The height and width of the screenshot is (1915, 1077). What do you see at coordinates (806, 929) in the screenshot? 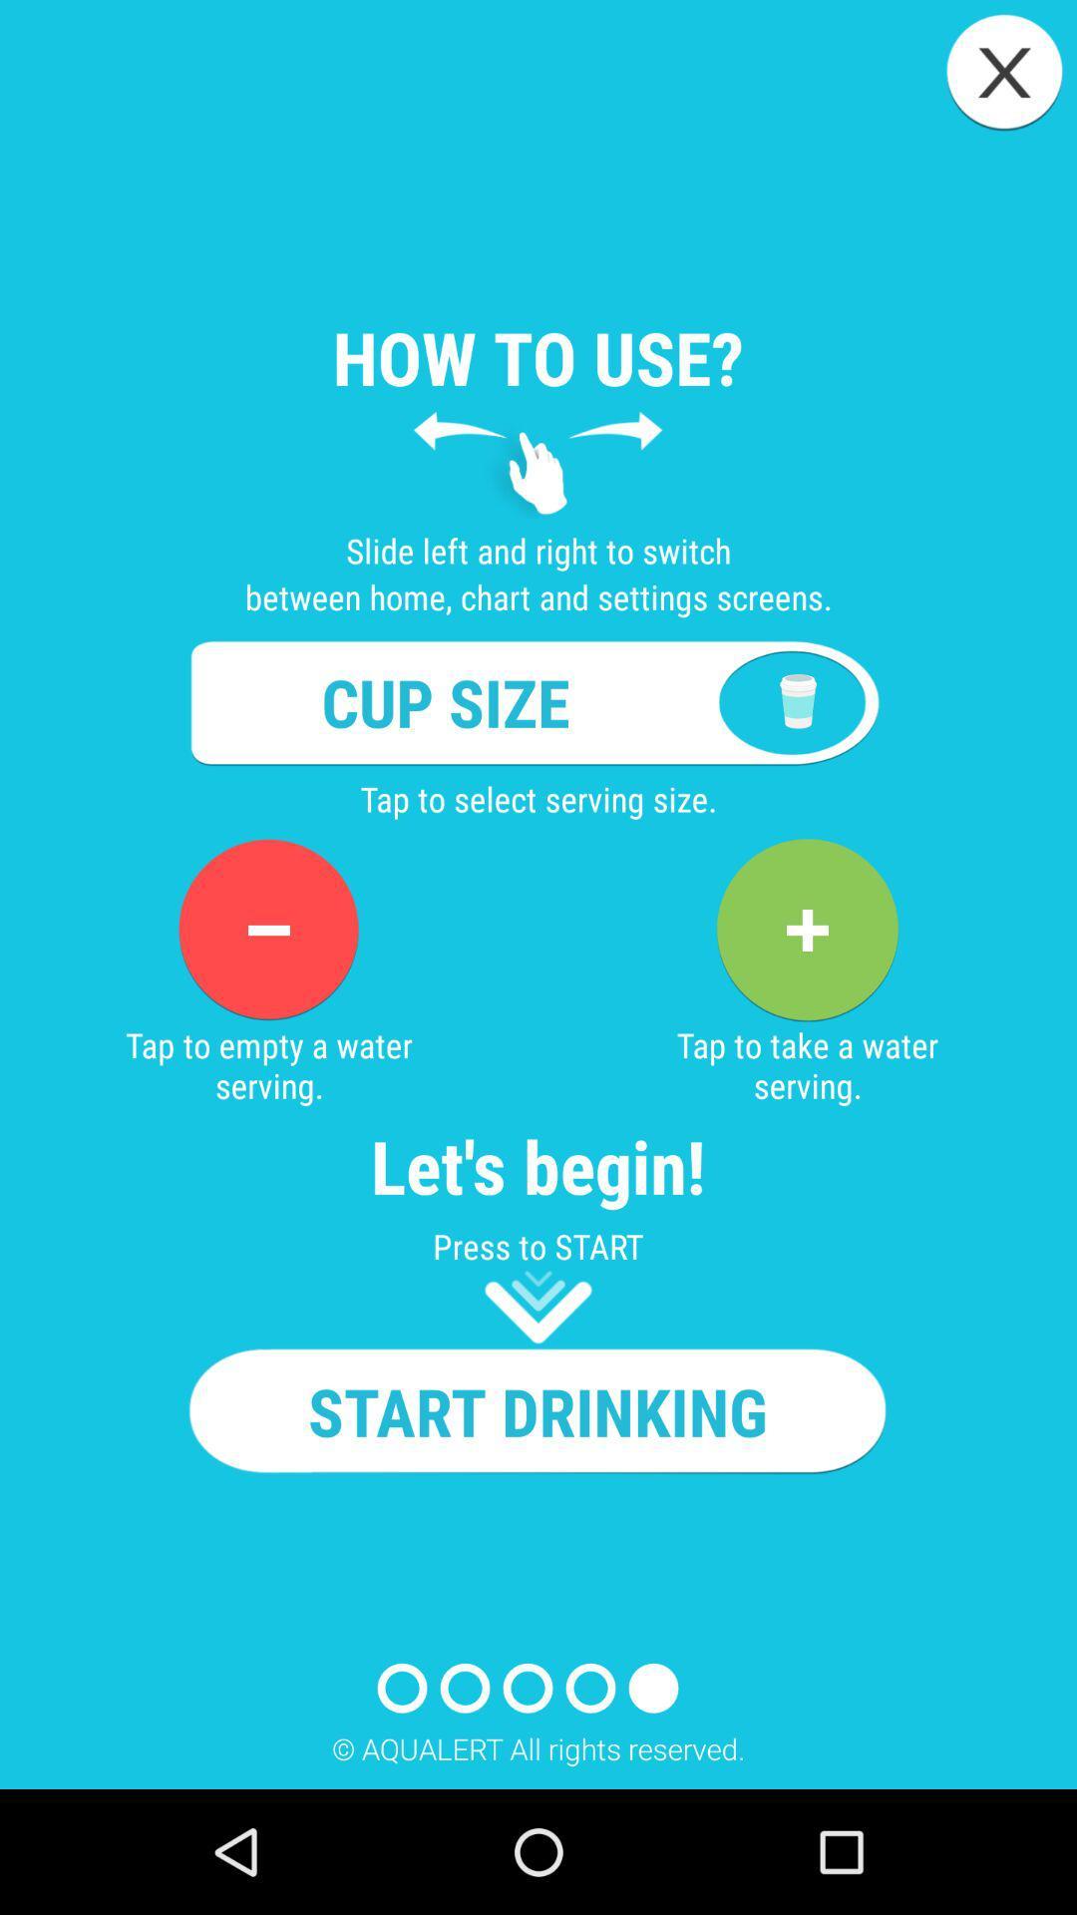
I see `app to the right of the tap to empty` at bounding box center [806, 929].